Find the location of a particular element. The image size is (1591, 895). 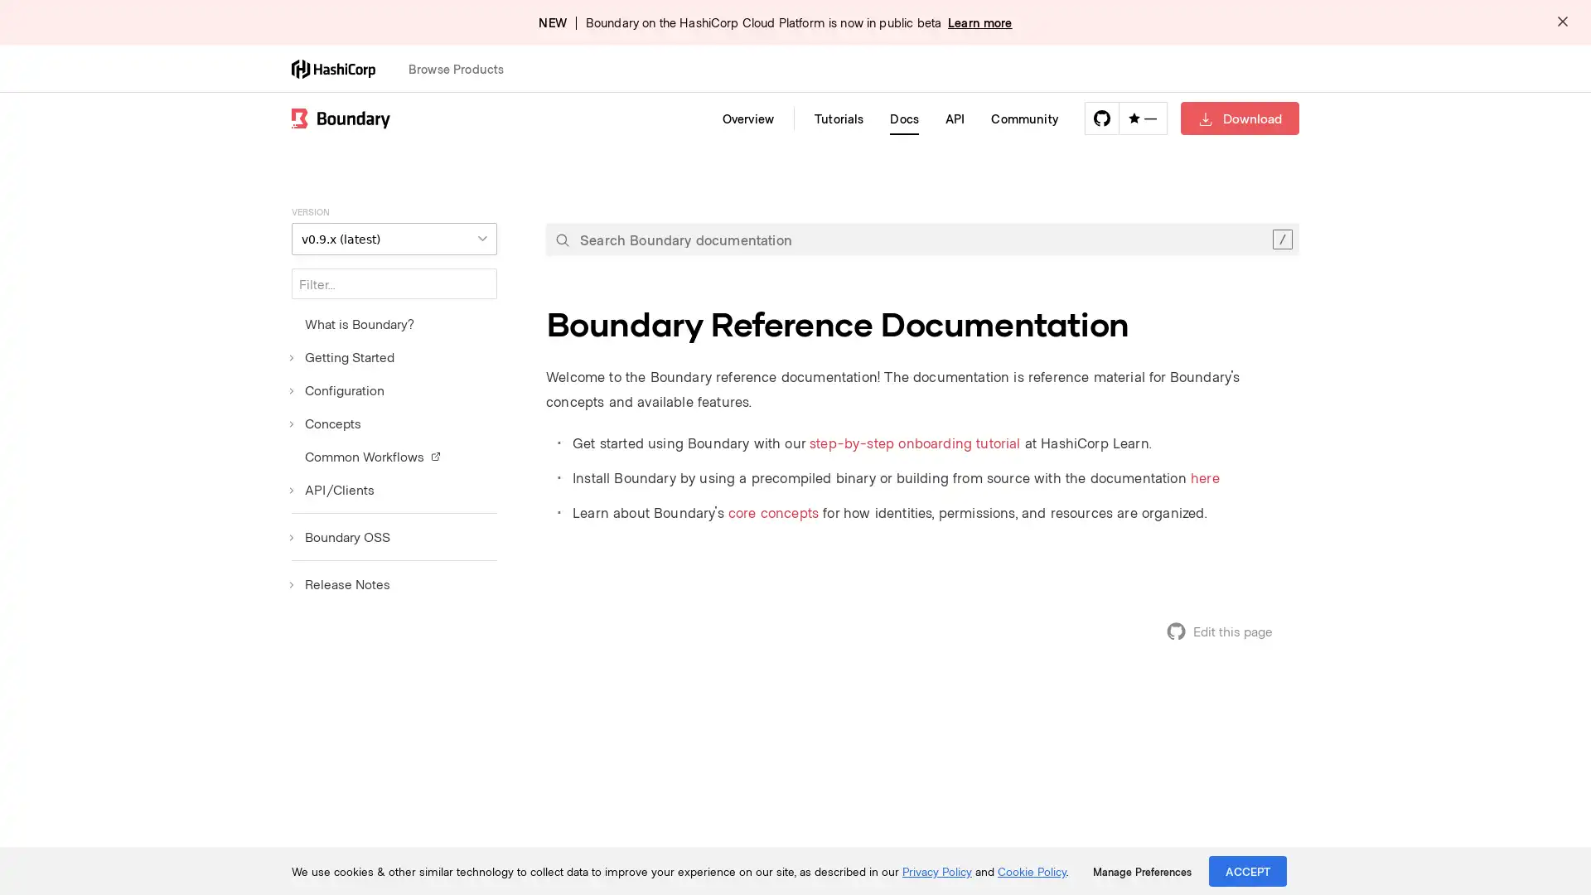

Manage Preferences is located at coordinates (1141, 871).